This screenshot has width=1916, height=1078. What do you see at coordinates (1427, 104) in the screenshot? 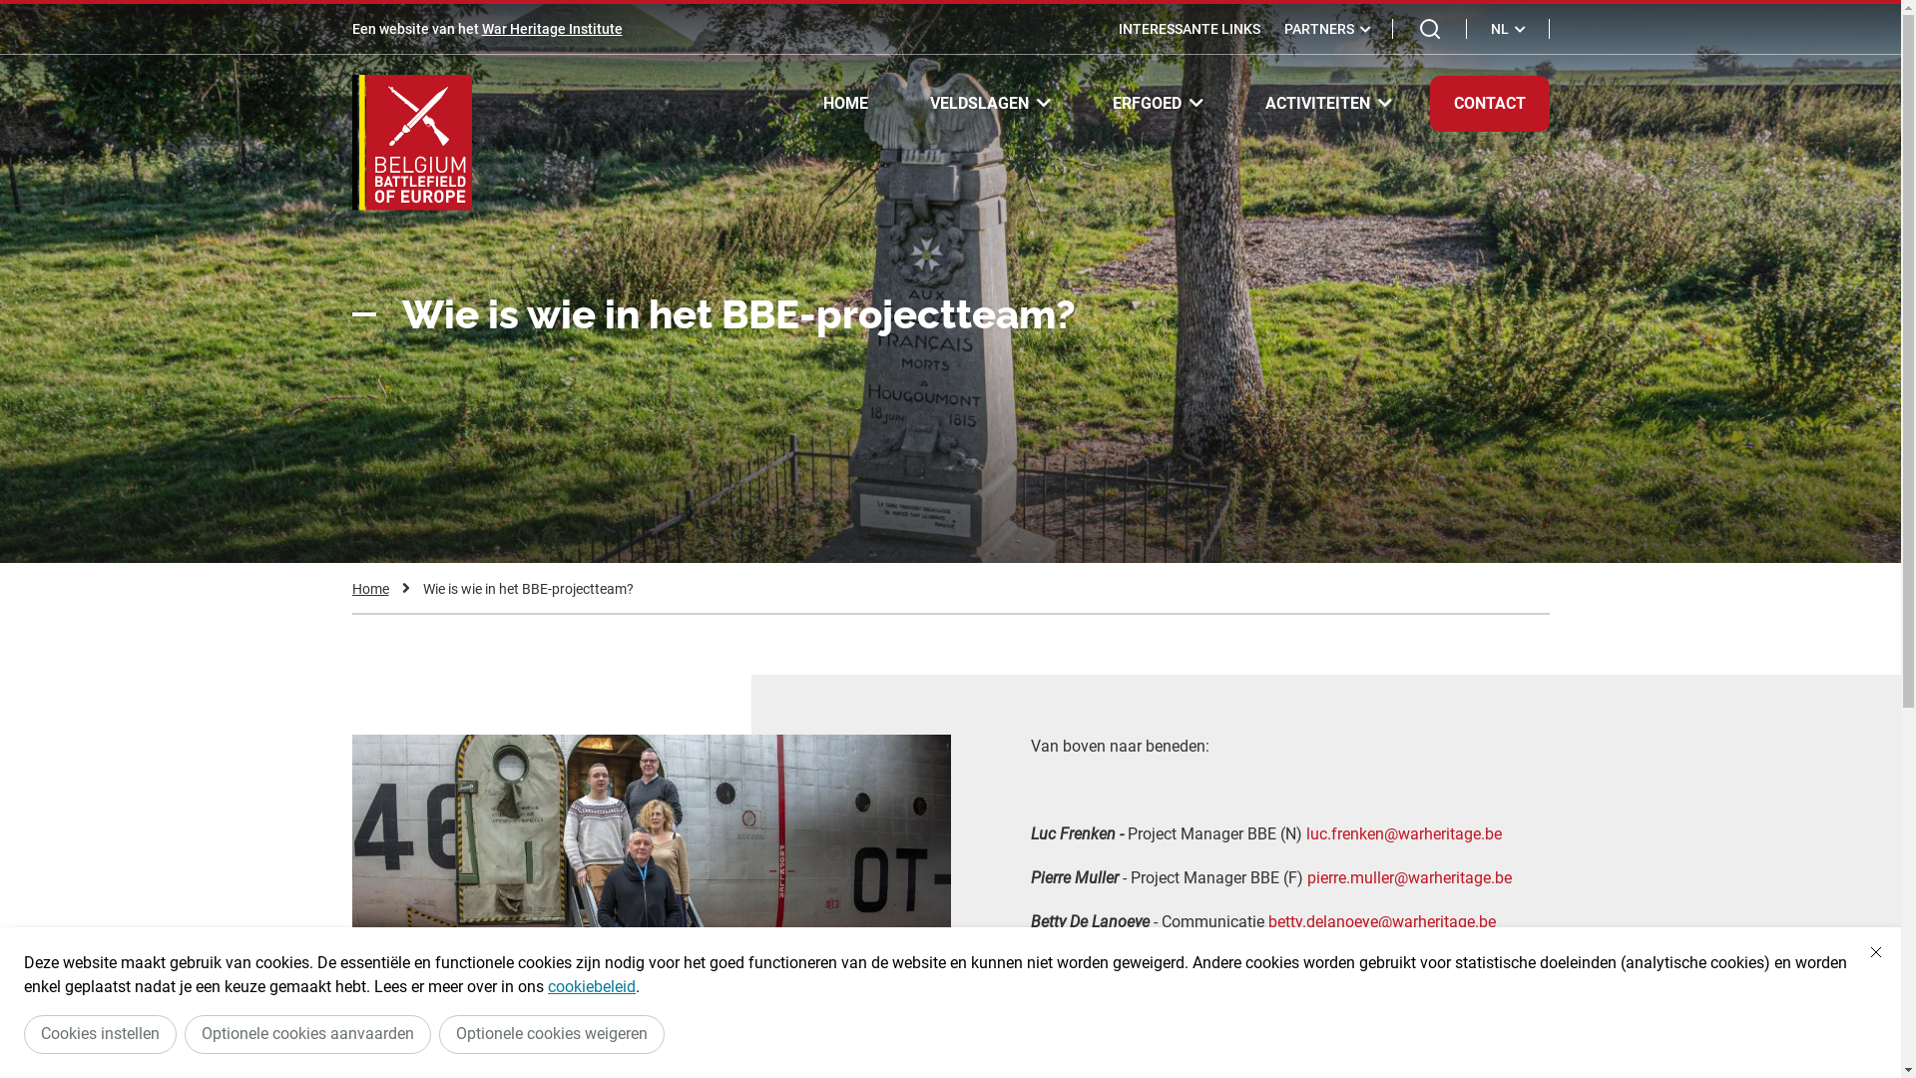
I see `'CONTACT'` at bounding box center [1427, 104].